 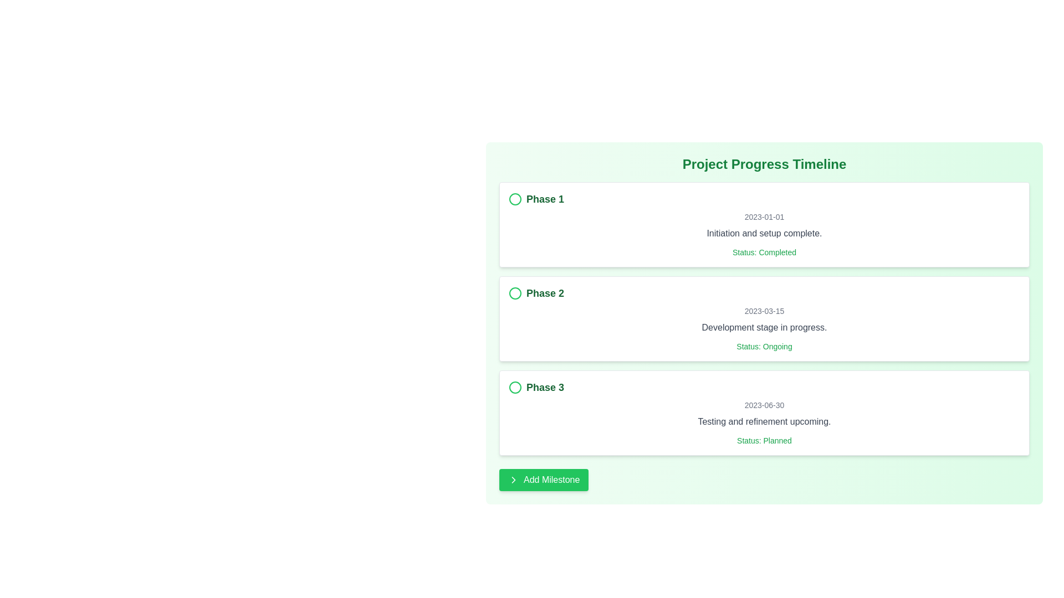 I want to click on the graphical representation of the progress status indicator located to the left of the 'Phase 2' label, so click(x=515, y=292).